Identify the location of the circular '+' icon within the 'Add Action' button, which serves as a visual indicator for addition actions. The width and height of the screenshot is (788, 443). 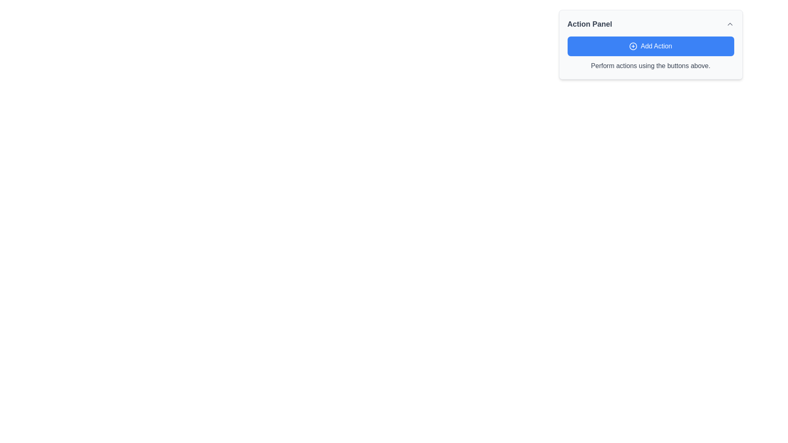
(633, 46).